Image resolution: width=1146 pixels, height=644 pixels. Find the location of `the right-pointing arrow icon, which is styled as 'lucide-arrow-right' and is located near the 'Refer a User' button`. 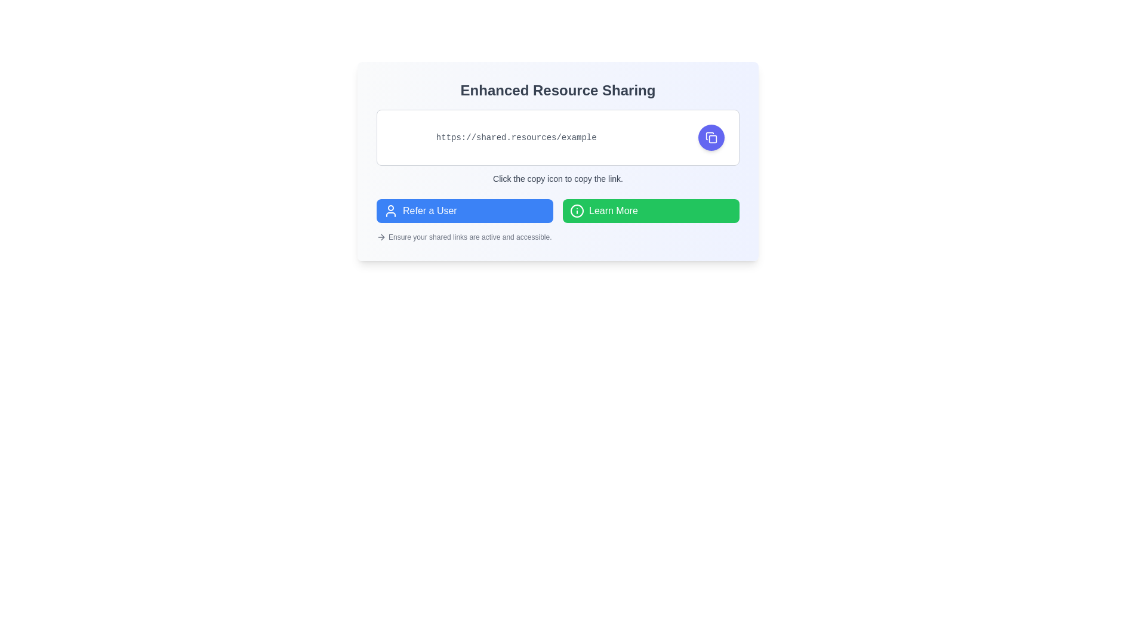

the right-pointing arrow icon, which is styled as 'lucide-arrow-right' and is located near the 'Refer a User' button is located at coordinates (383, 237).